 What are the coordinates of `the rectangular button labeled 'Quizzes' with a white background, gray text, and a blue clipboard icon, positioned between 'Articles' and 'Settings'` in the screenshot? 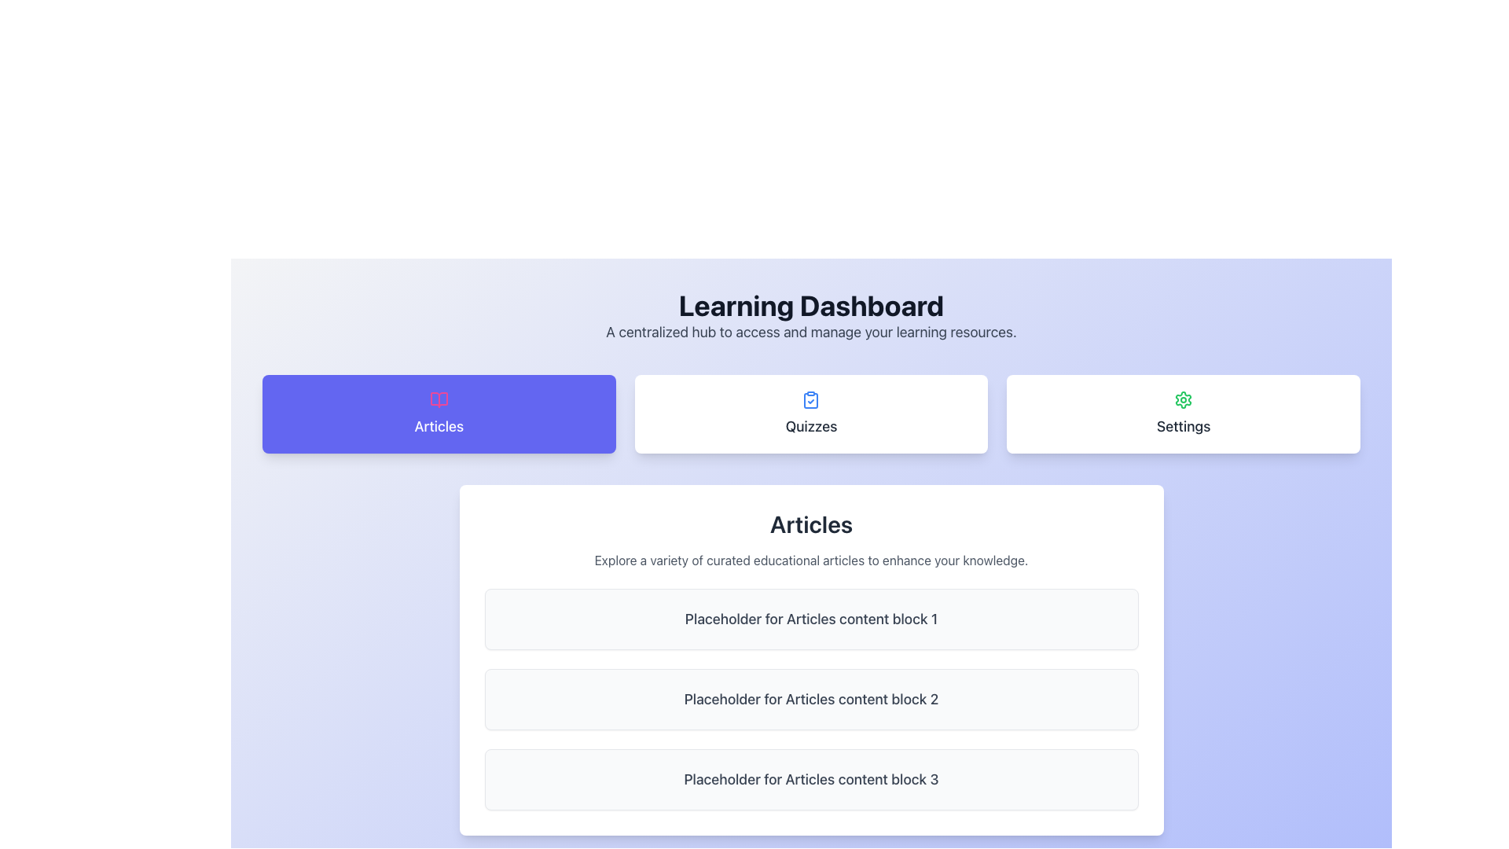 It's located at (811, 413).